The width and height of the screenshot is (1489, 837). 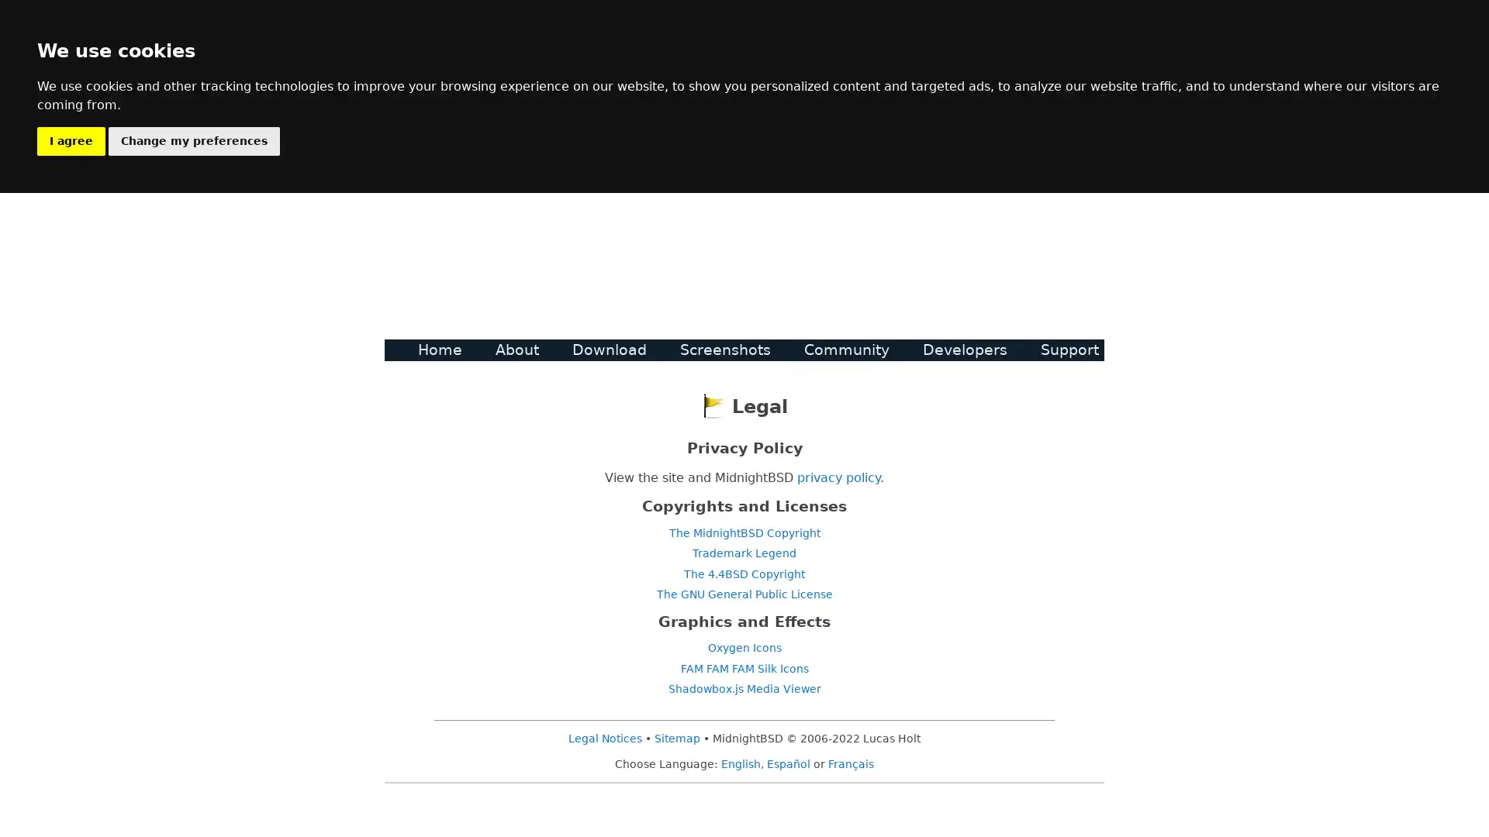 I want to click on Change my preferences, so click(x=193, y=141).